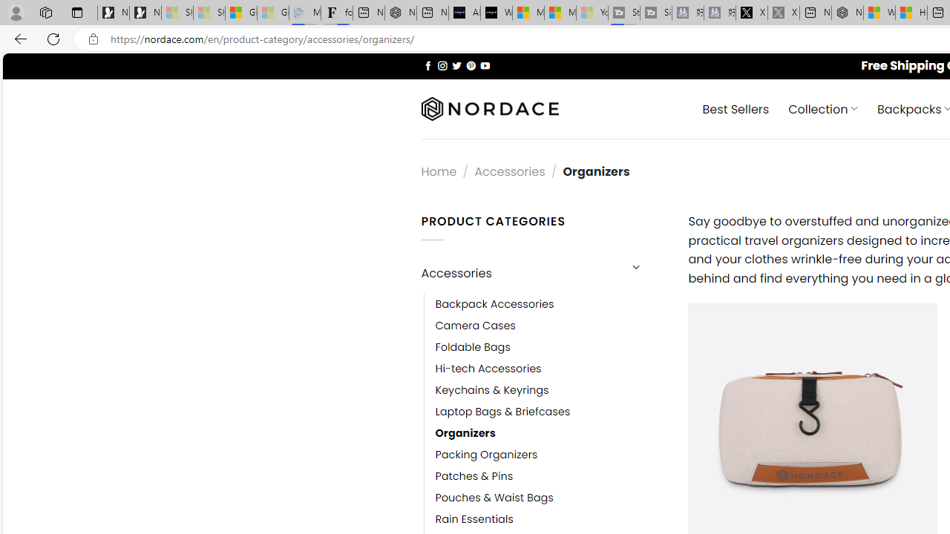 This screenshot has height=534, width=950. Describe the element at coordinates (474, 476) in the screenshot. I see `'Patches & Pins'` at that location.